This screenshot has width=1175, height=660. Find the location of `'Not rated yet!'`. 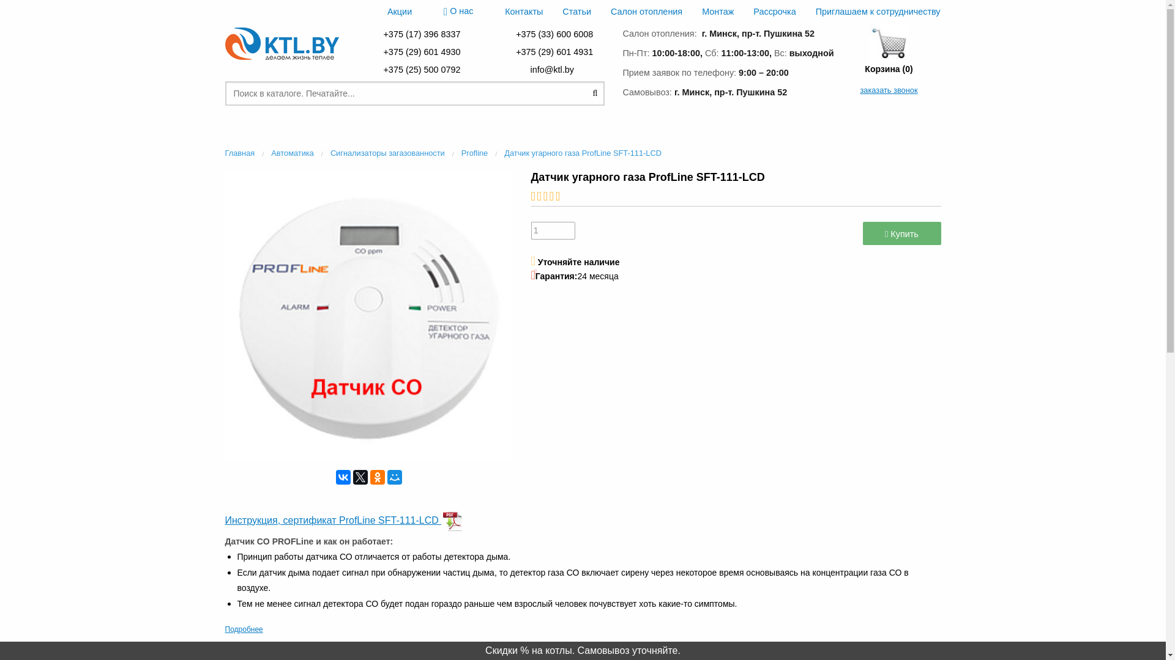

'Not rated yet!' is located at coordinates (543, 195).